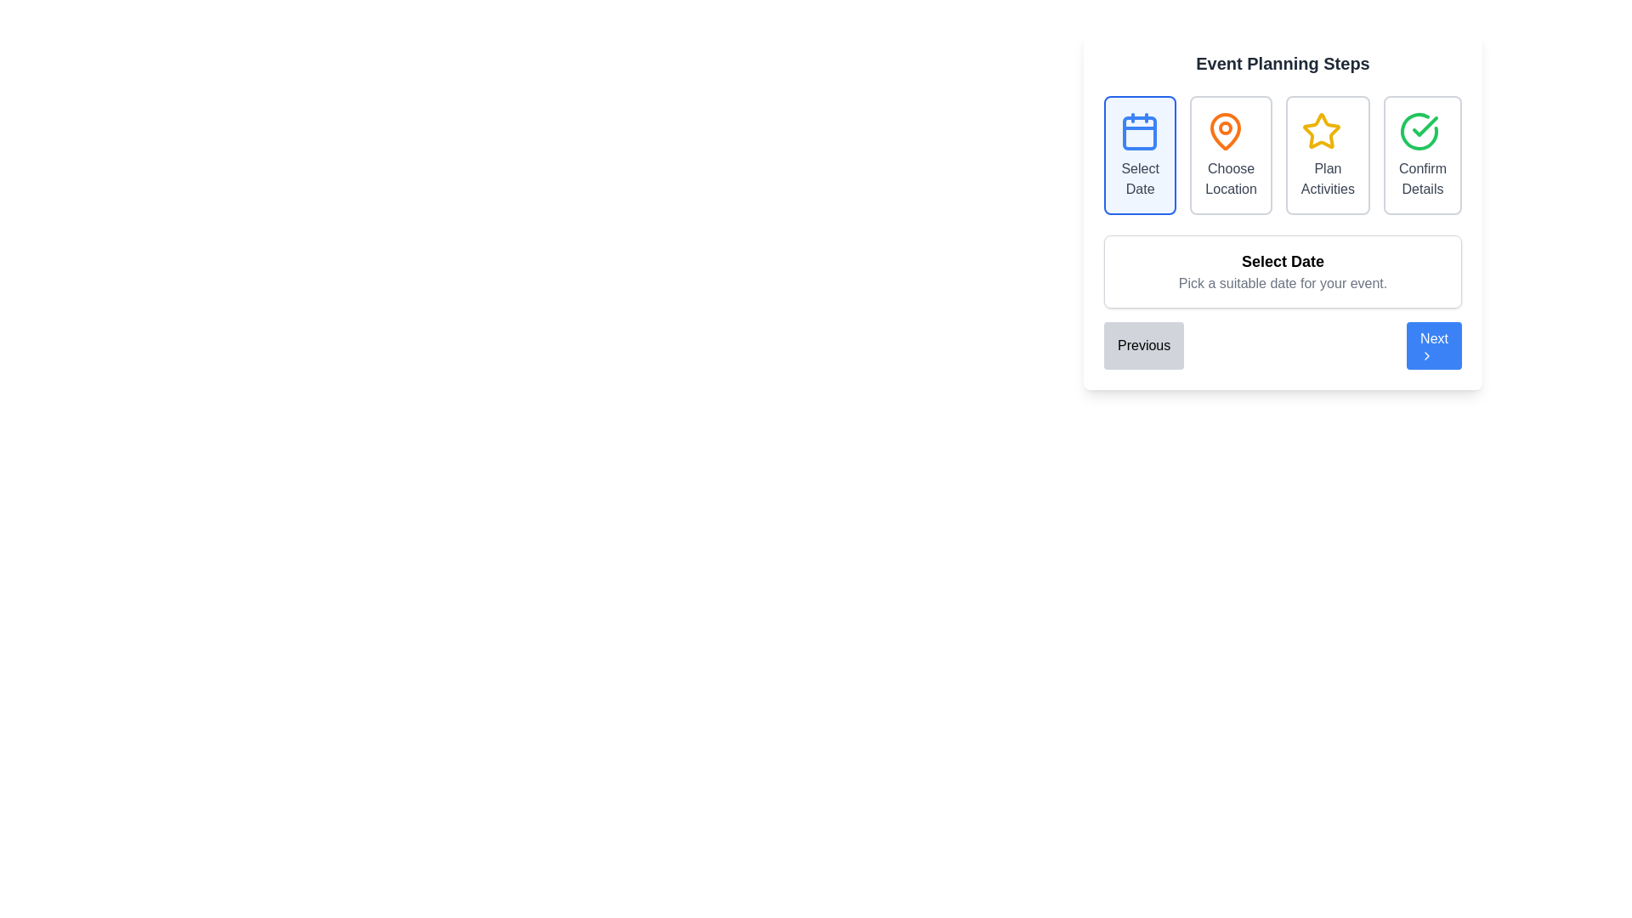  Describe the element at coordinates (1226, 127) in the screenshot. I see `the presence of the small circular orange element at the center of the 'Choose Location' icon, which is the second step icon among the top row of icons` at that location.